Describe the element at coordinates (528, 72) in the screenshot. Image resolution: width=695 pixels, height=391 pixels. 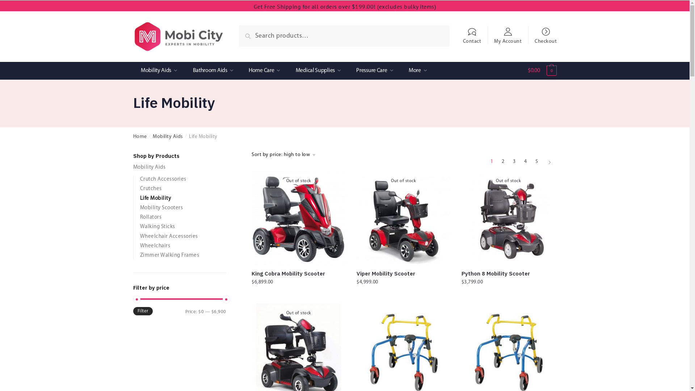
I see `'$0.00 0'` at that location.